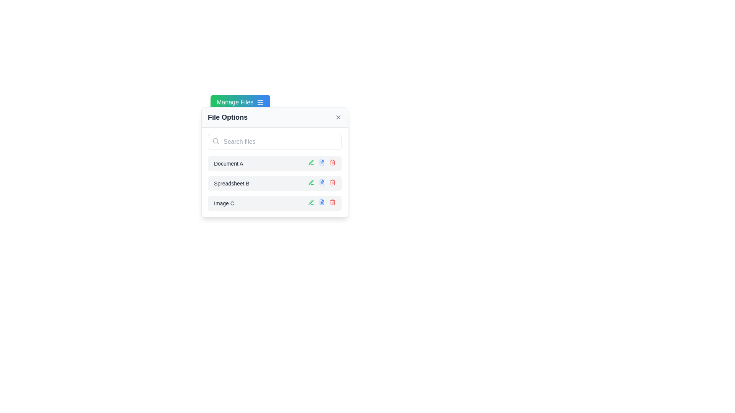  I want to click on the interactive menu toggle icon, so click(260, 102).